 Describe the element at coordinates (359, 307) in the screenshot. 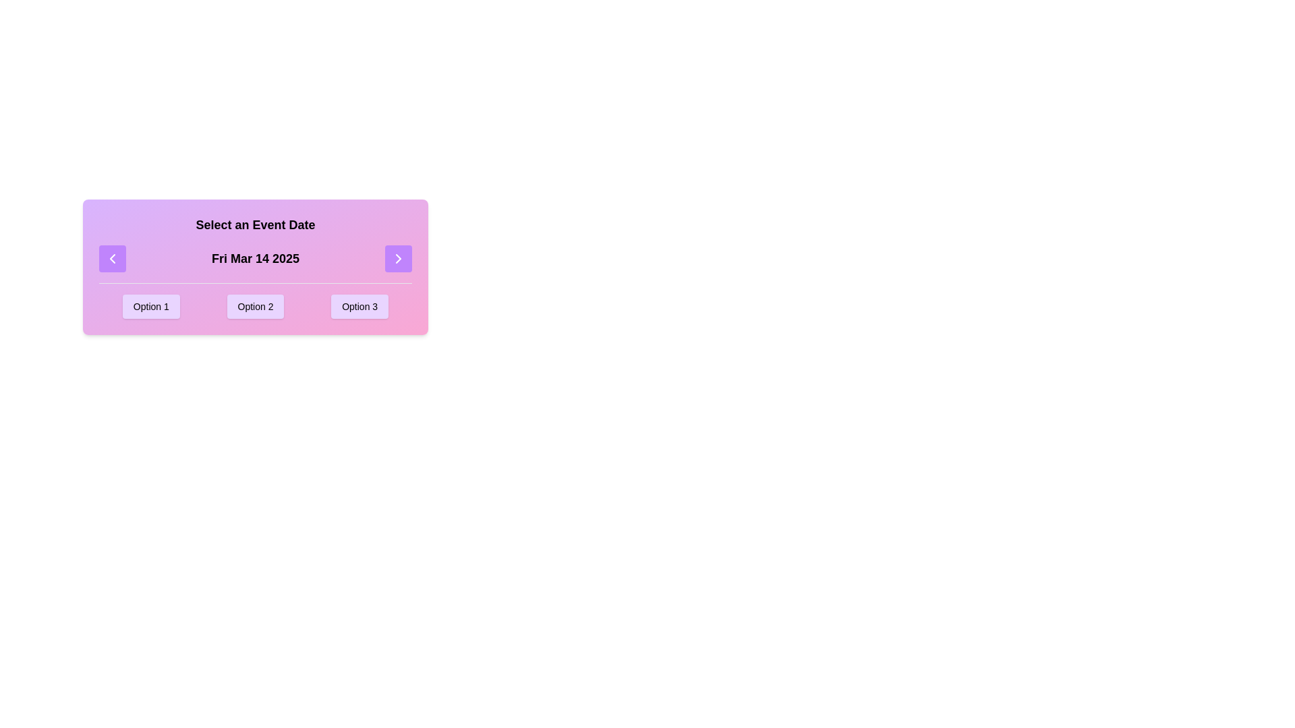

I see `the third button labeled 'Option 3'` at that location.